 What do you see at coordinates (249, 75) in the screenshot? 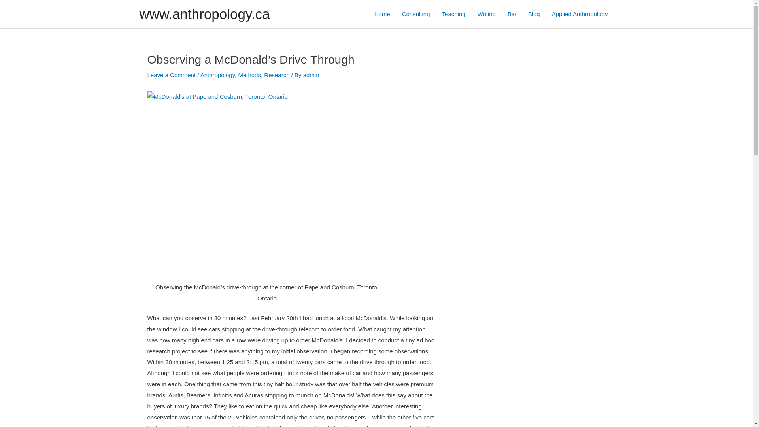
I see `'Methods'` at bounding box center [249, 75].